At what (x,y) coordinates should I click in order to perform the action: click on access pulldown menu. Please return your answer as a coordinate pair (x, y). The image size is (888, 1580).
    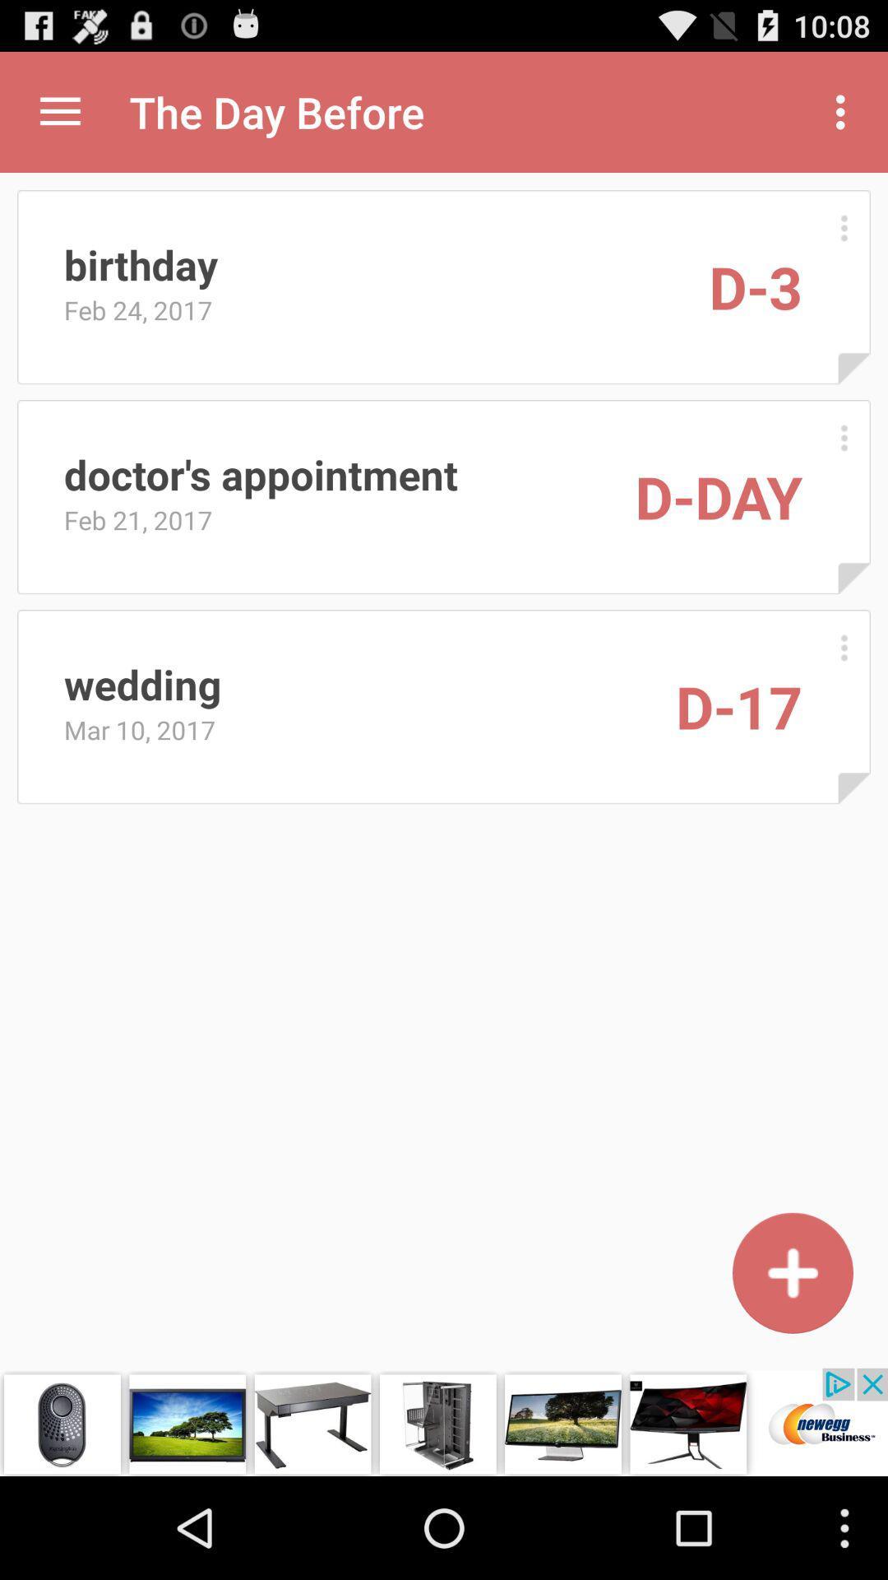
    Looking at the image, I should click on (59, 111).